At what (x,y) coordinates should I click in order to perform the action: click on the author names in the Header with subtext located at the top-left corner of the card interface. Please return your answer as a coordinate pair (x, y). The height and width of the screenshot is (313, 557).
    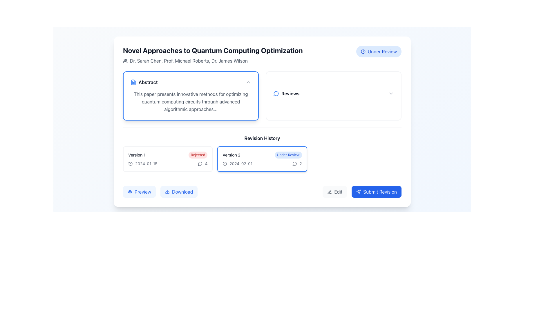
    Looking at the image, I should click on (212, 55).